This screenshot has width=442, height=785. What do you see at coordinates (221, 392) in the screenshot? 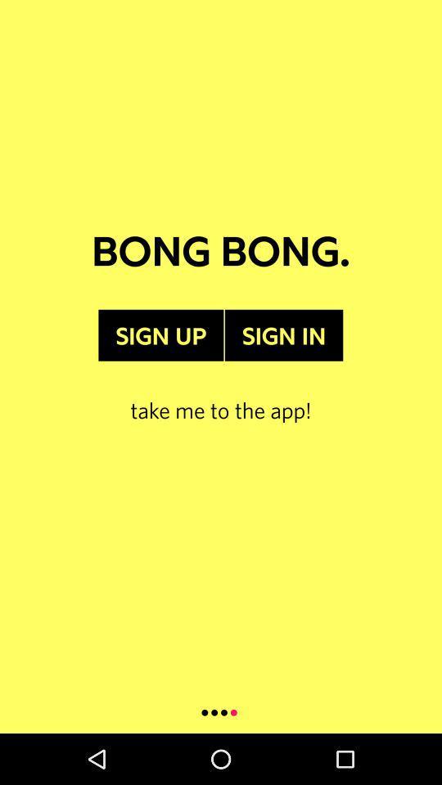
I see `the take me to` at bounding box center [221, 392].